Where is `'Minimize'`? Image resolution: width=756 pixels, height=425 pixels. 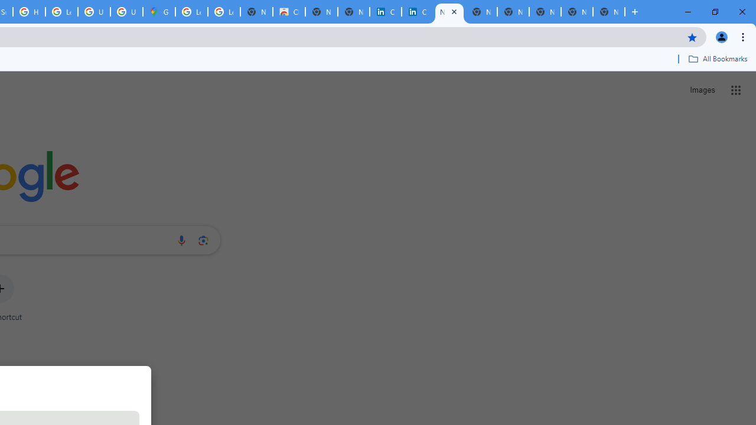
'Minimize' is located at coordinates (688, 12).